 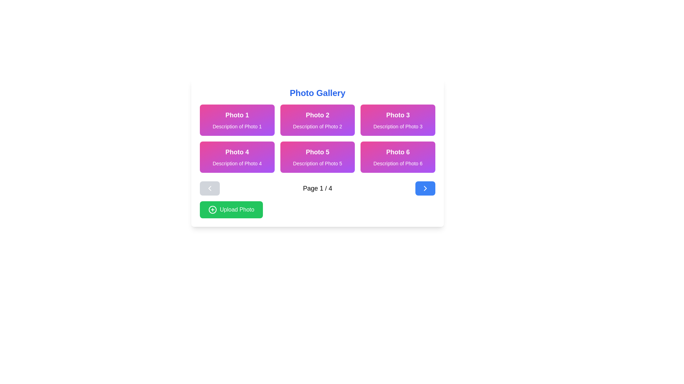 What do you see at coordinates (317, 188) in the screenshot?
I see `the text label displaying 'Page 1 / 4' located in the bottom middle portion of the 'Photo Gallery' section, between two navigation buttons` at bounding box center [317, 188].